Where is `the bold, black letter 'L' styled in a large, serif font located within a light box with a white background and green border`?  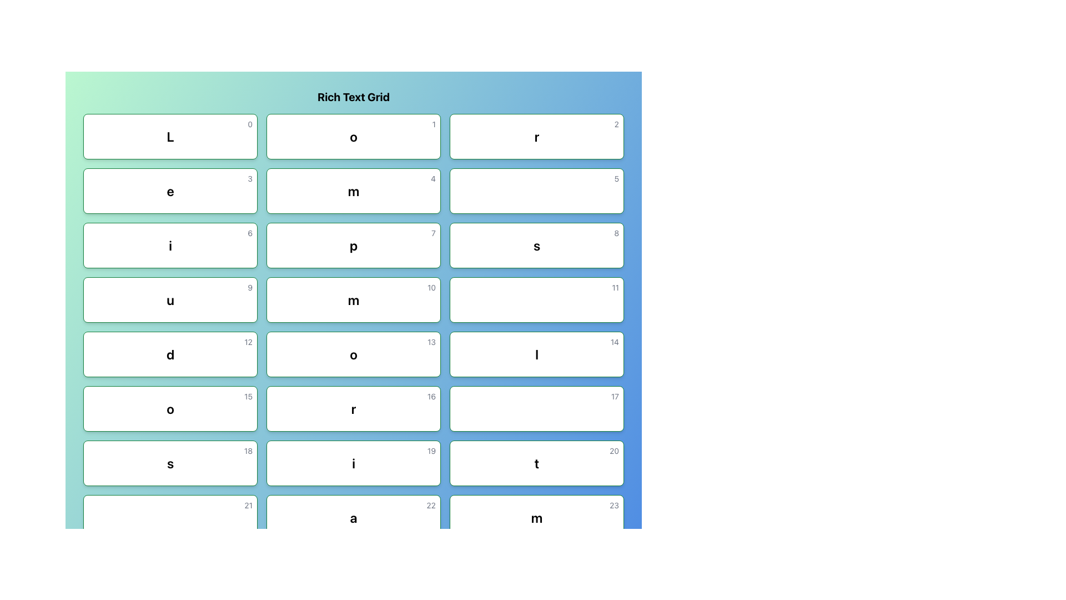
the bold, black letter 'L' styled in a large, serif font located within a light box with a white background and green border is located at coordinates (170, 136).